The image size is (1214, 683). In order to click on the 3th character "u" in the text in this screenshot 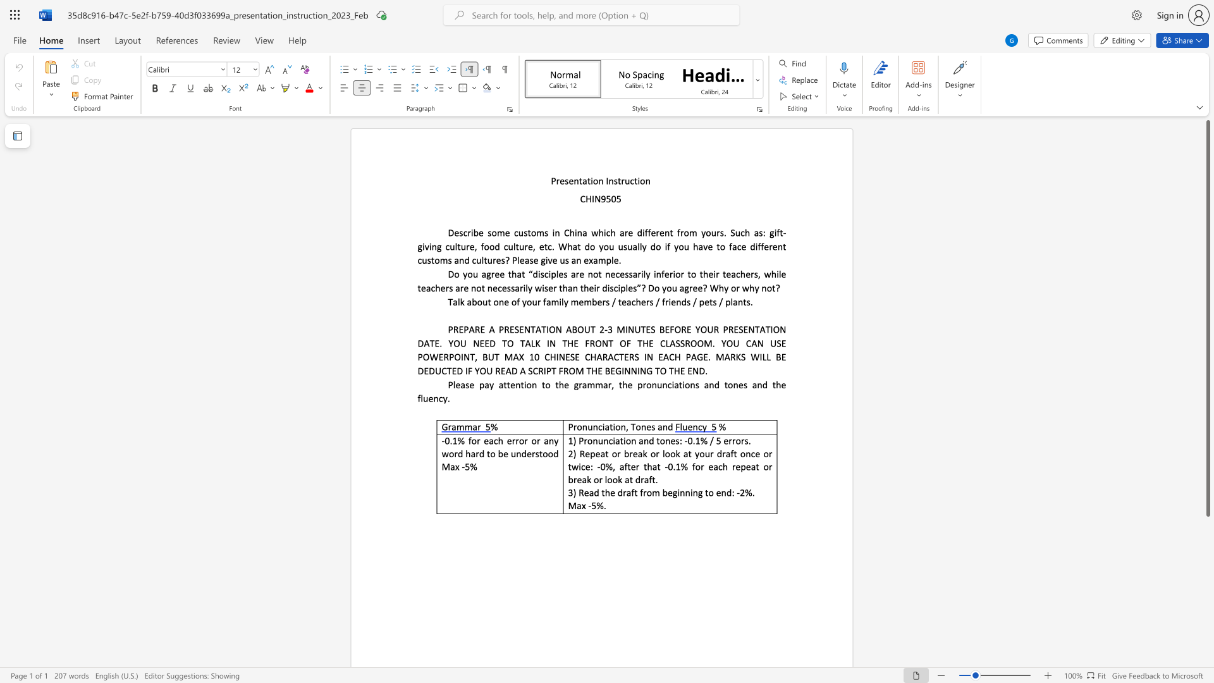, I will do `click(737, 233)`.